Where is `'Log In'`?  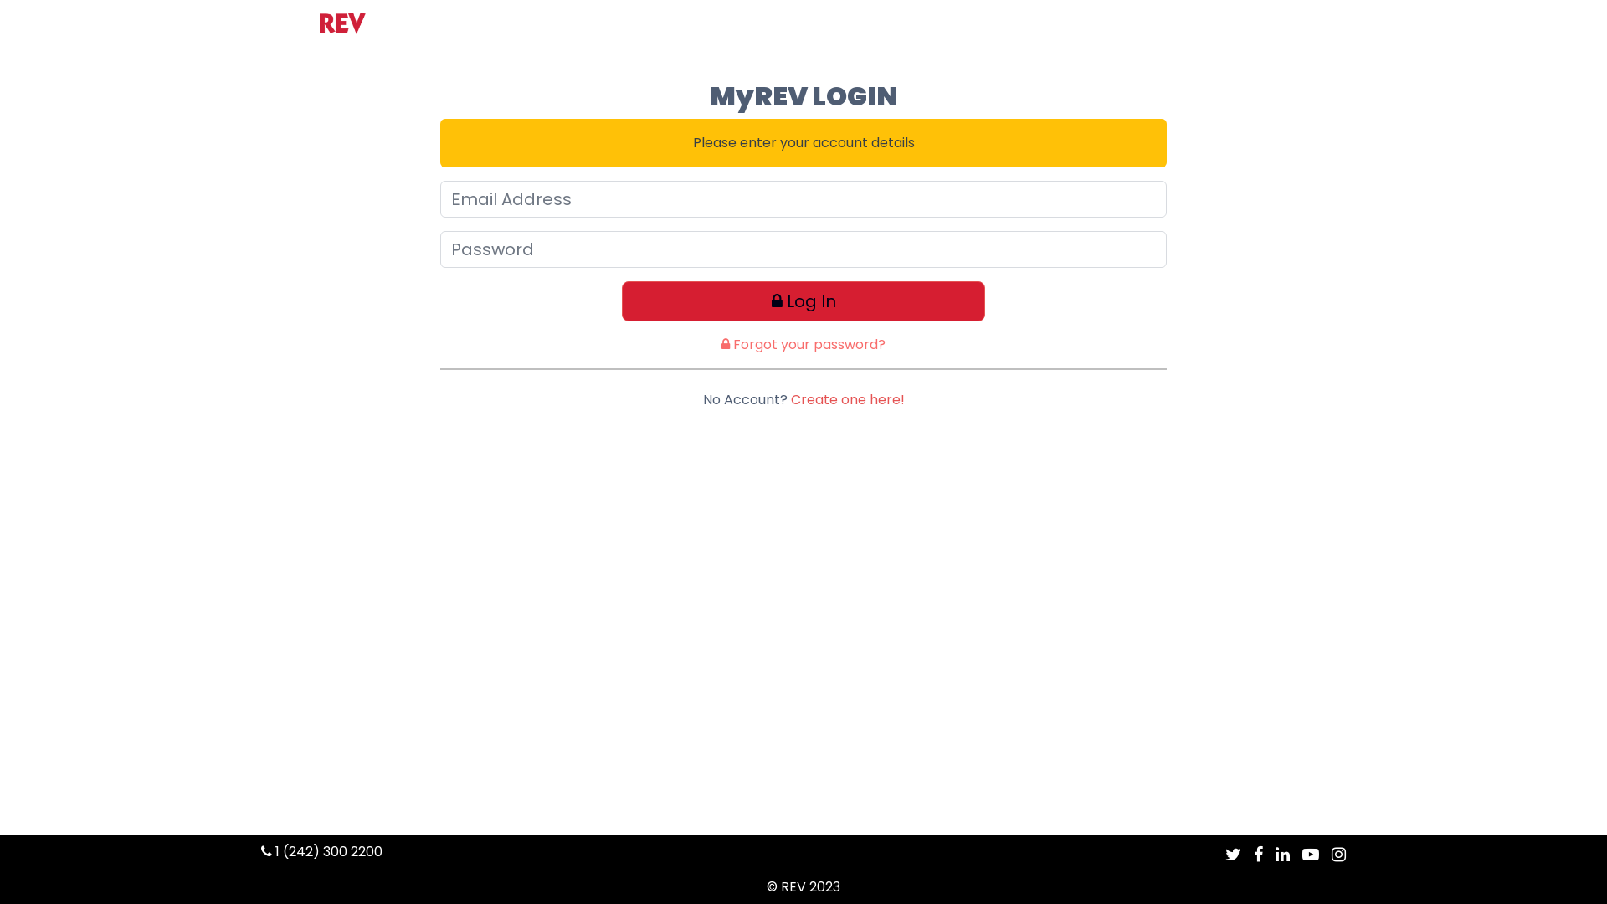 'Log In' is located at coordinates (803, 300).